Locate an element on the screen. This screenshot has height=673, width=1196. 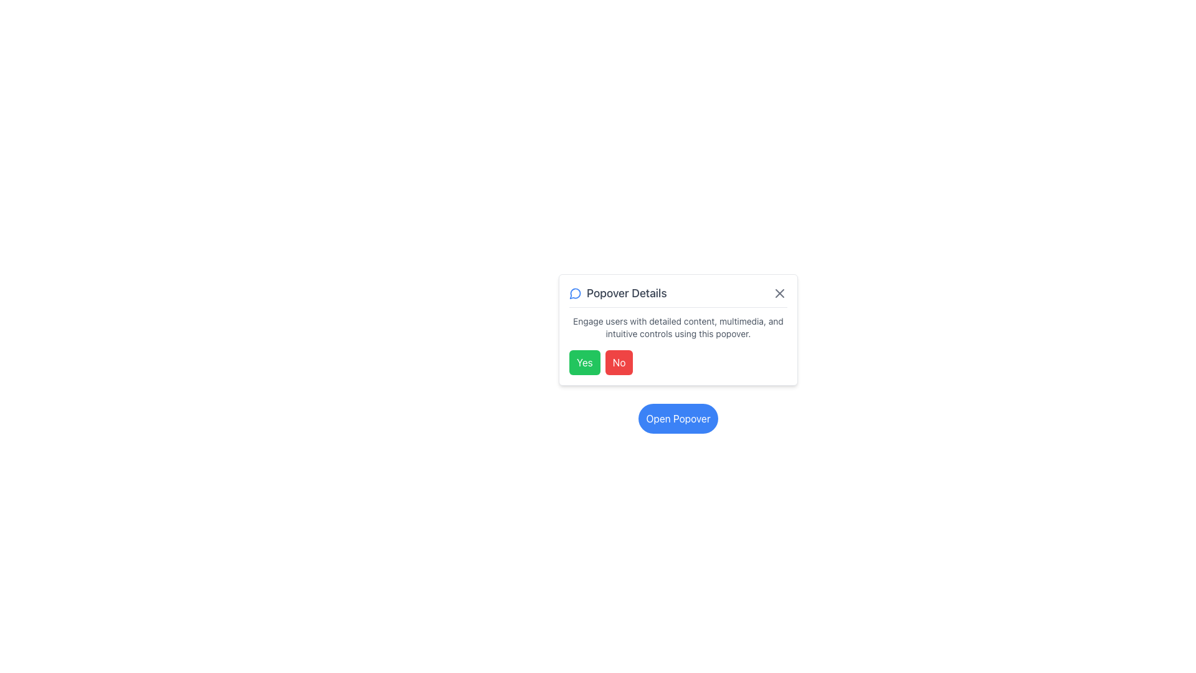
the messaging icon located to the left of the 'Popover Details' text label is located at coordinates (575, 293).